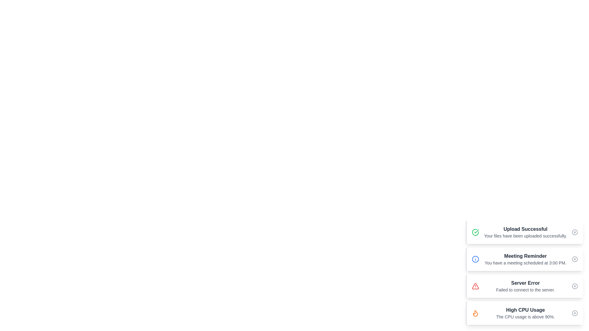 The width and height of the screenshot is (589, 331). Describe the element at coordinates (574, 313) in the screenshot. I see `close button for the alert with title 'High CPU Usage'` at that location.